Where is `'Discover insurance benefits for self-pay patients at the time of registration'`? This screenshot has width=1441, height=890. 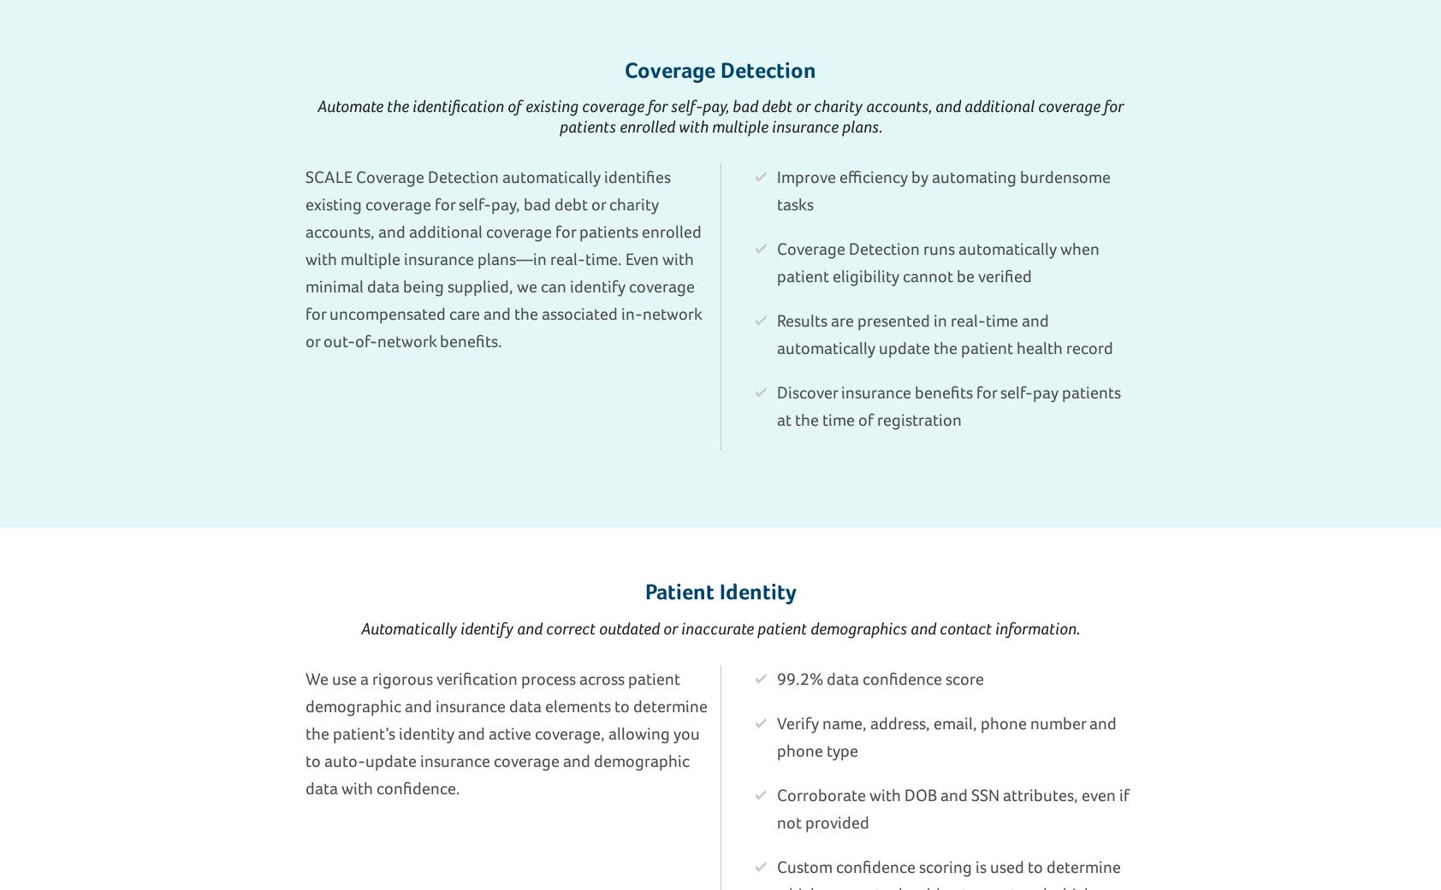 'Discover insurance benefits for self-pay patients at the time of registration' is located at coordinates (949, 405).